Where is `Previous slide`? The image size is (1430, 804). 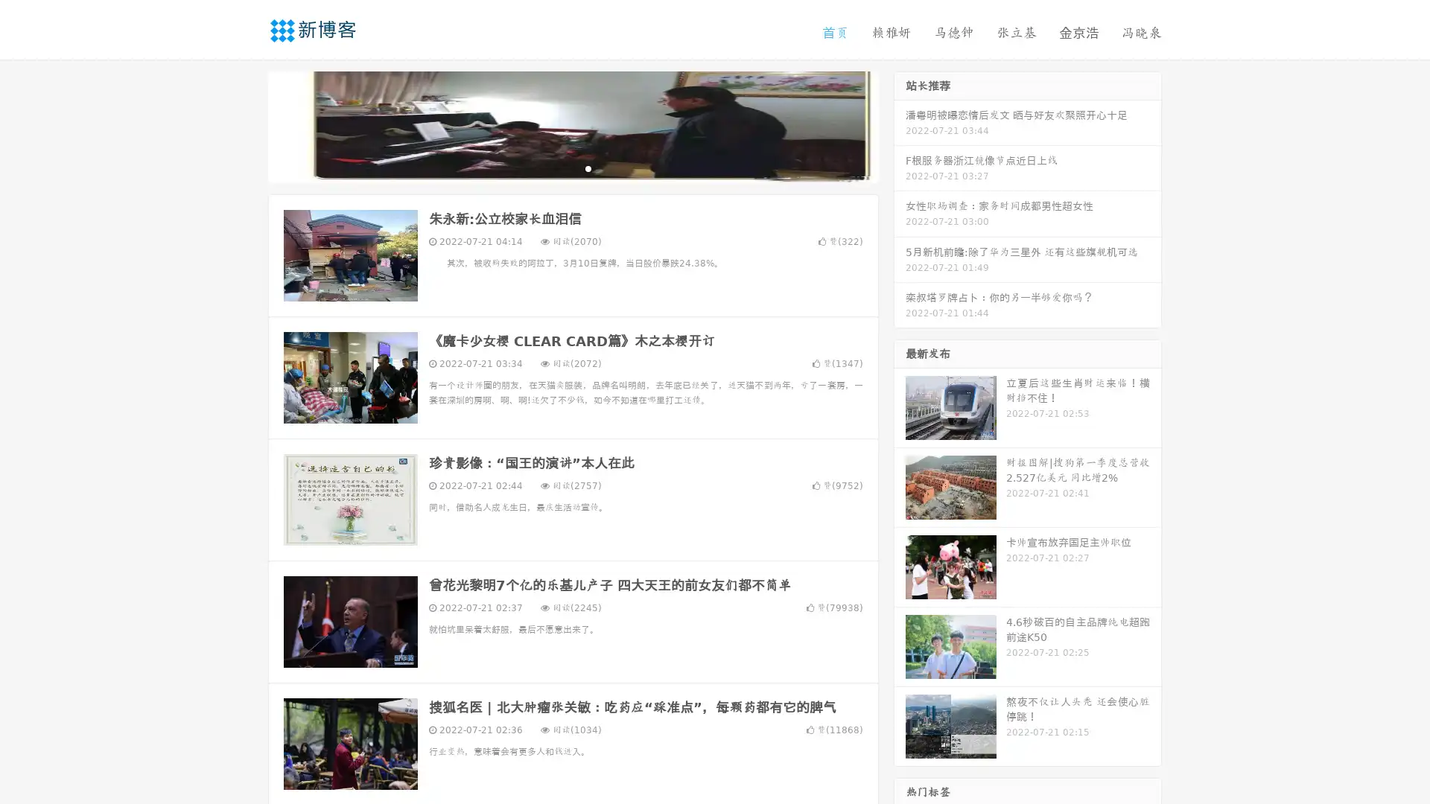 Previous slide is located at coordinates (246, 125).